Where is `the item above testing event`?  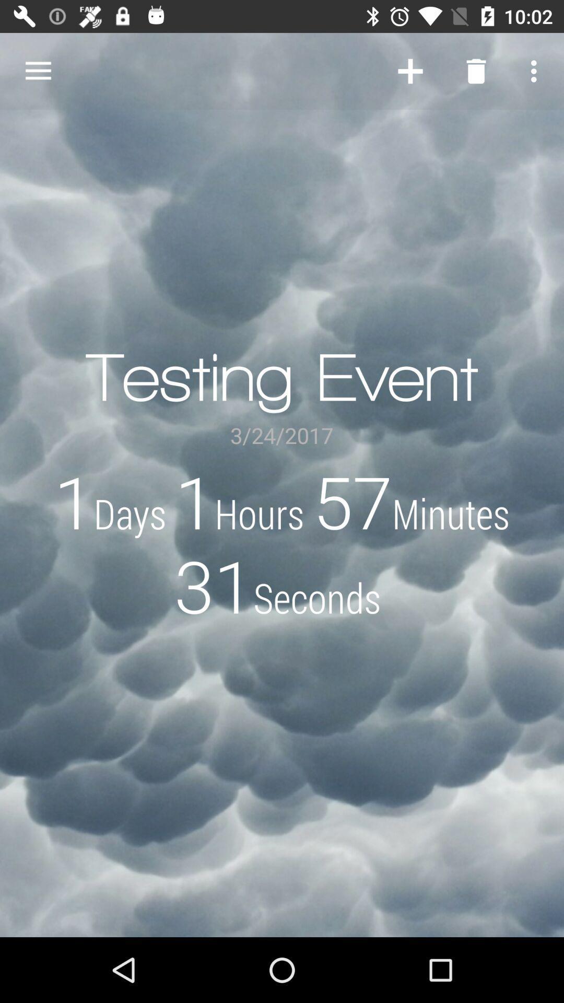 the item above testing event is located at coordinates (476, 71).